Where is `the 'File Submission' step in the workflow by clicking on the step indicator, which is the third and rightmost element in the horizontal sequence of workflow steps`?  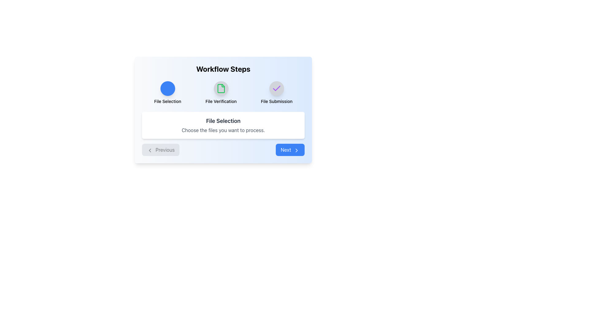
the 'File Submission' step in the workflow by clicking on the step indicator, which is the third and rightmost element in the horizontal sequence of workflow steps is located at coordinates (276, 93).